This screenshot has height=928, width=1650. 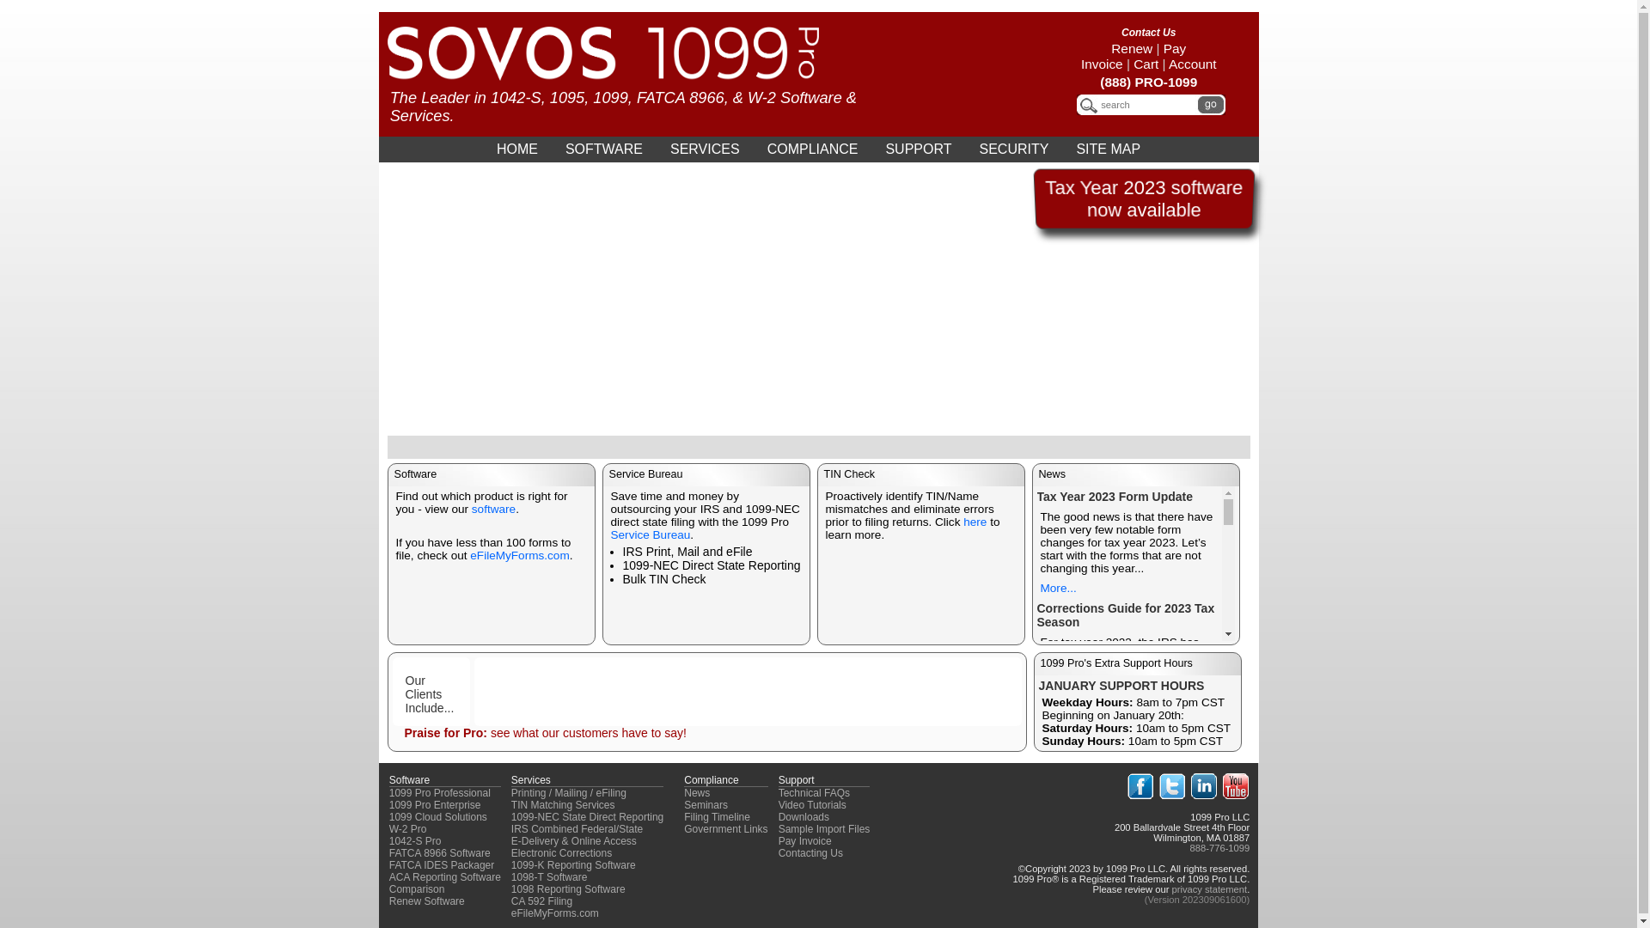 What do you see at coordinates (415, 840) in the screenshot?
I see `'1042-S Pro'` at bounding box center [415, 840].